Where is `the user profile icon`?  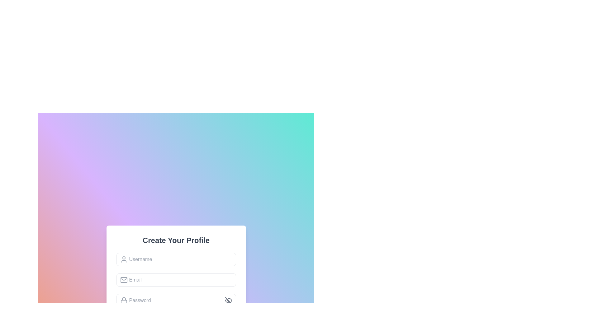
the user profile icon is located at coordinates (124, 259).